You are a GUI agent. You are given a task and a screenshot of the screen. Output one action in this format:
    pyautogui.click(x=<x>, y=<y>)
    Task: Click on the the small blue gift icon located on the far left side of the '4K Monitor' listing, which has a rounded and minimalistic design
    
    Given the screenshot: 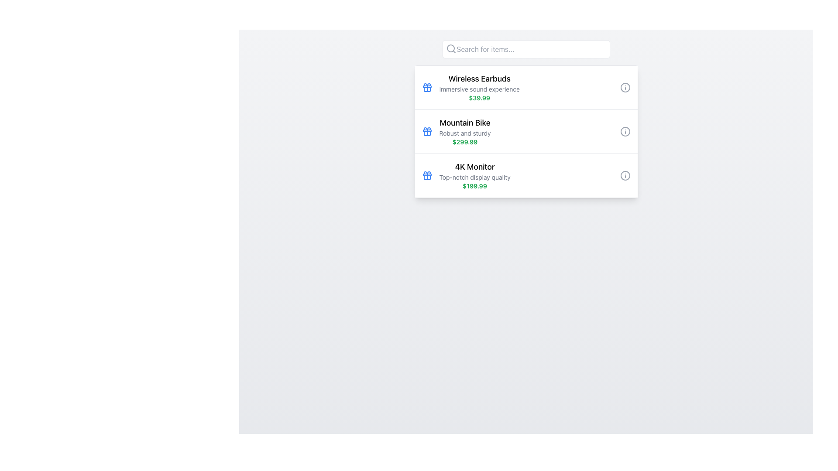 What is the action you would take?
    pyautogui.click(x=427, y=175)
    